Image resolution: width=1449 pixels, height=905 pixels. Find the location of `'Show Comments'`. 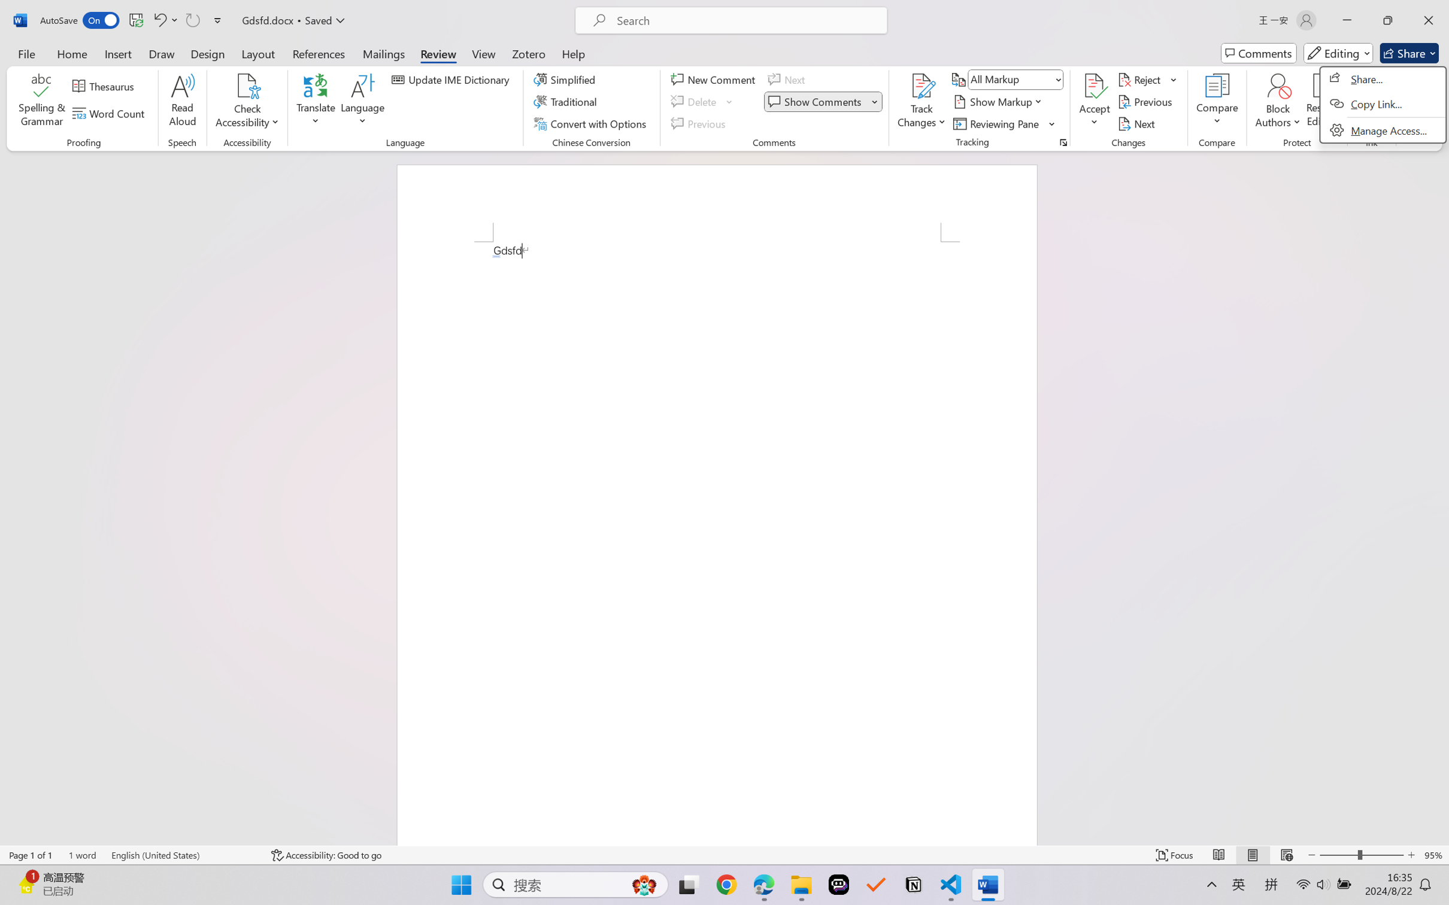

'Show Comments' is located at coordinates (816, 102).